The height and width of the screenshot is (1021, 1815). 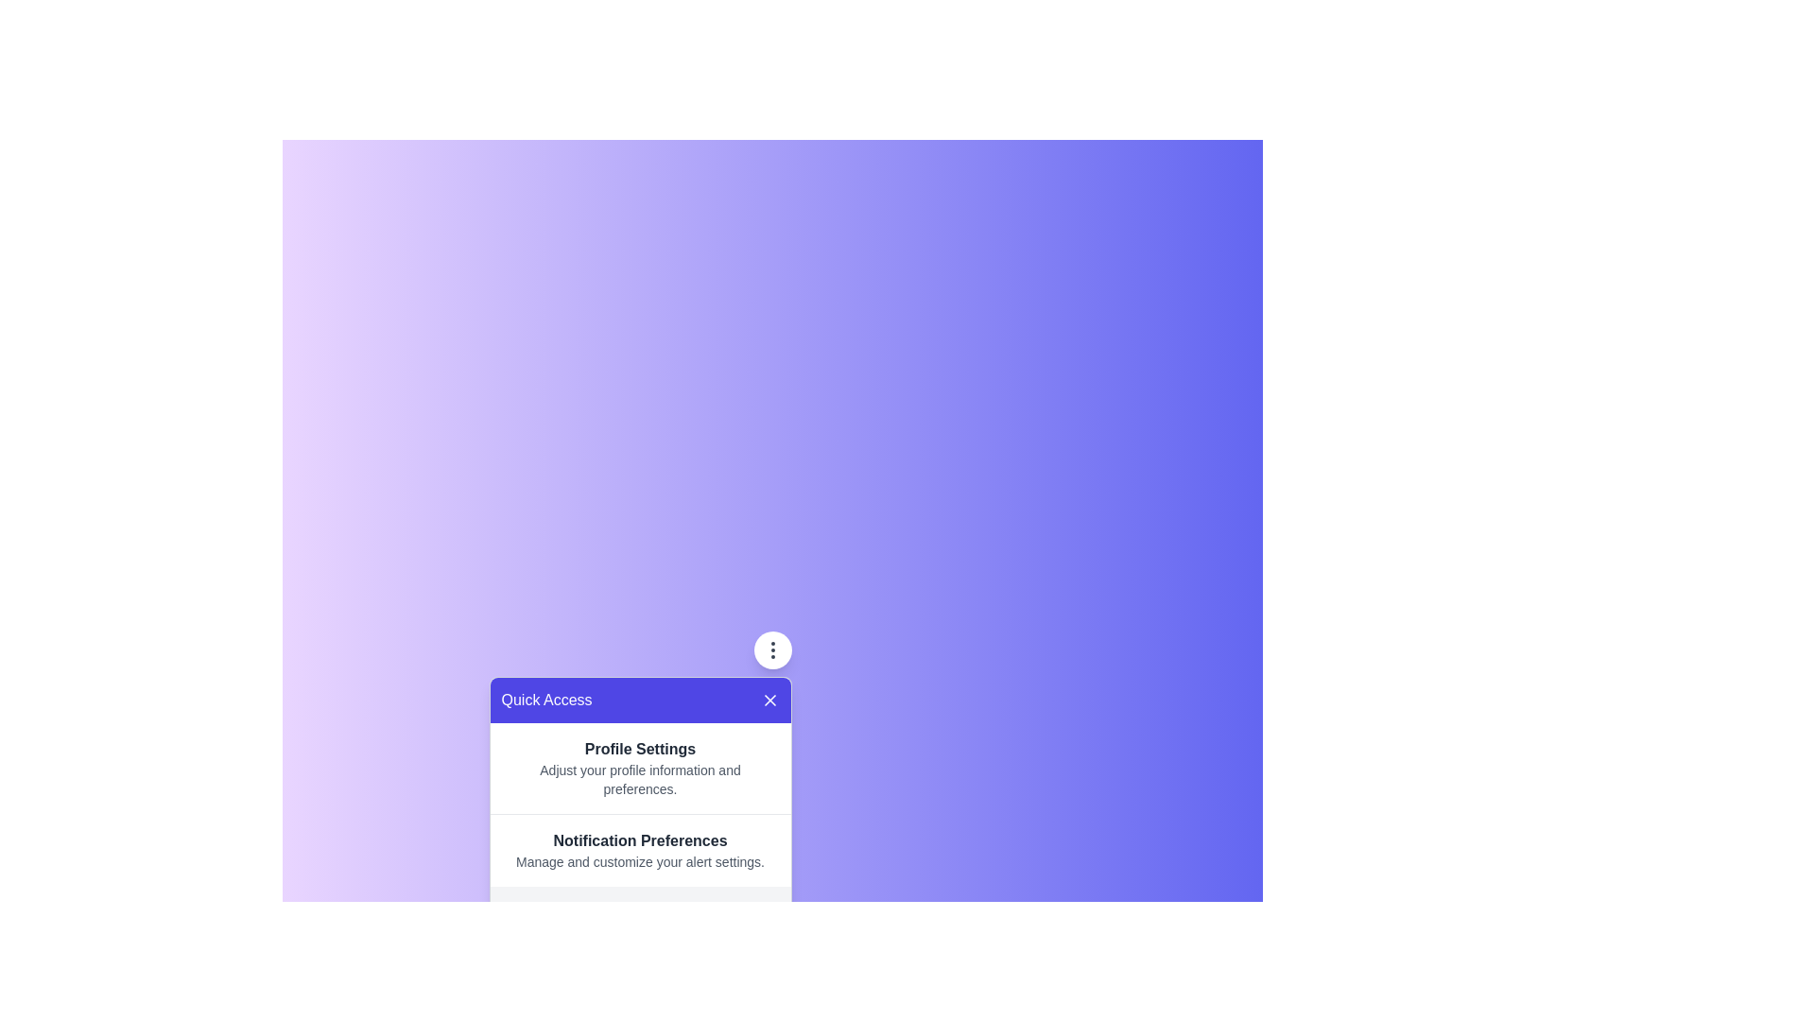 I want to click on the text description 'Manage and customize your alert settings.' which is styled in a smaller, light gray font and located beneath the bold heading 'Notification Preferences.', so click(x=640, y=861).